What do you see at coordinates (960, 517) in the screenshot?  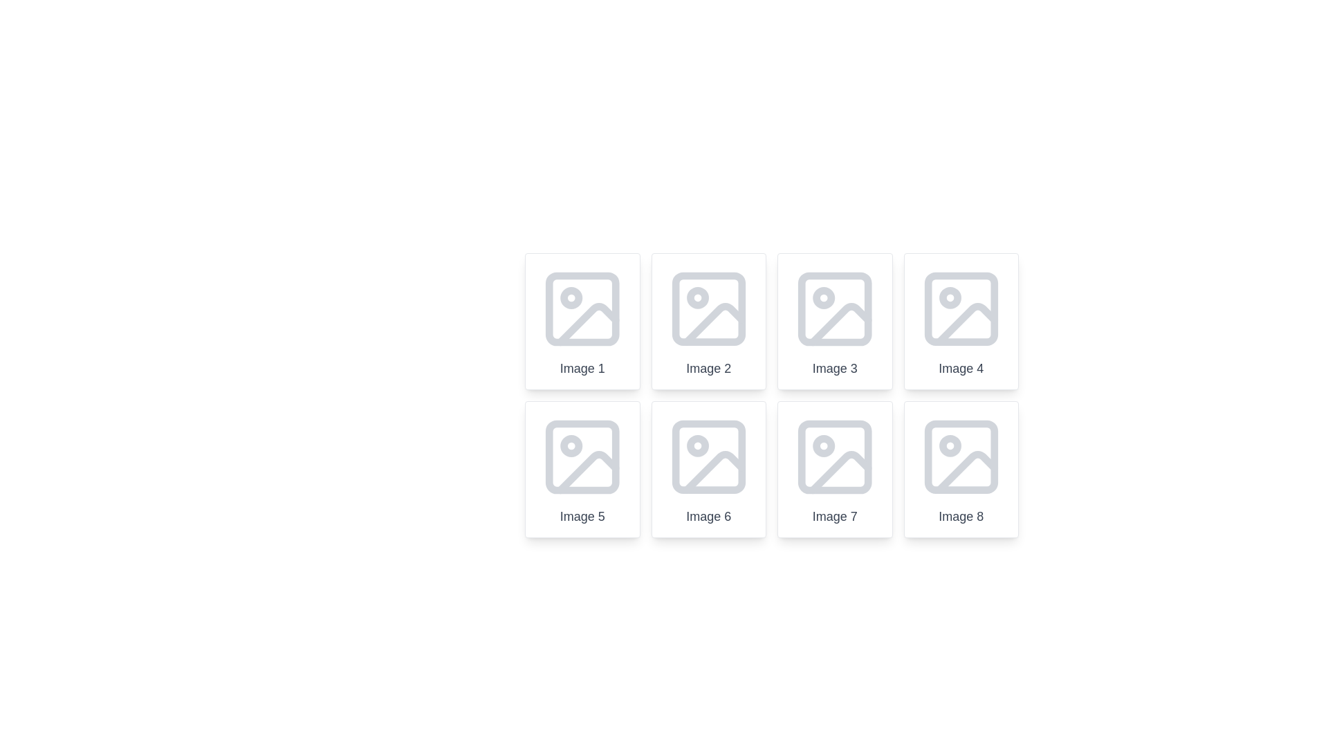 I see `the text label that serves as a title for the associated image card located at the bottom center of the eighth card in a two-row grid layout` at bounding box center [960, 517].